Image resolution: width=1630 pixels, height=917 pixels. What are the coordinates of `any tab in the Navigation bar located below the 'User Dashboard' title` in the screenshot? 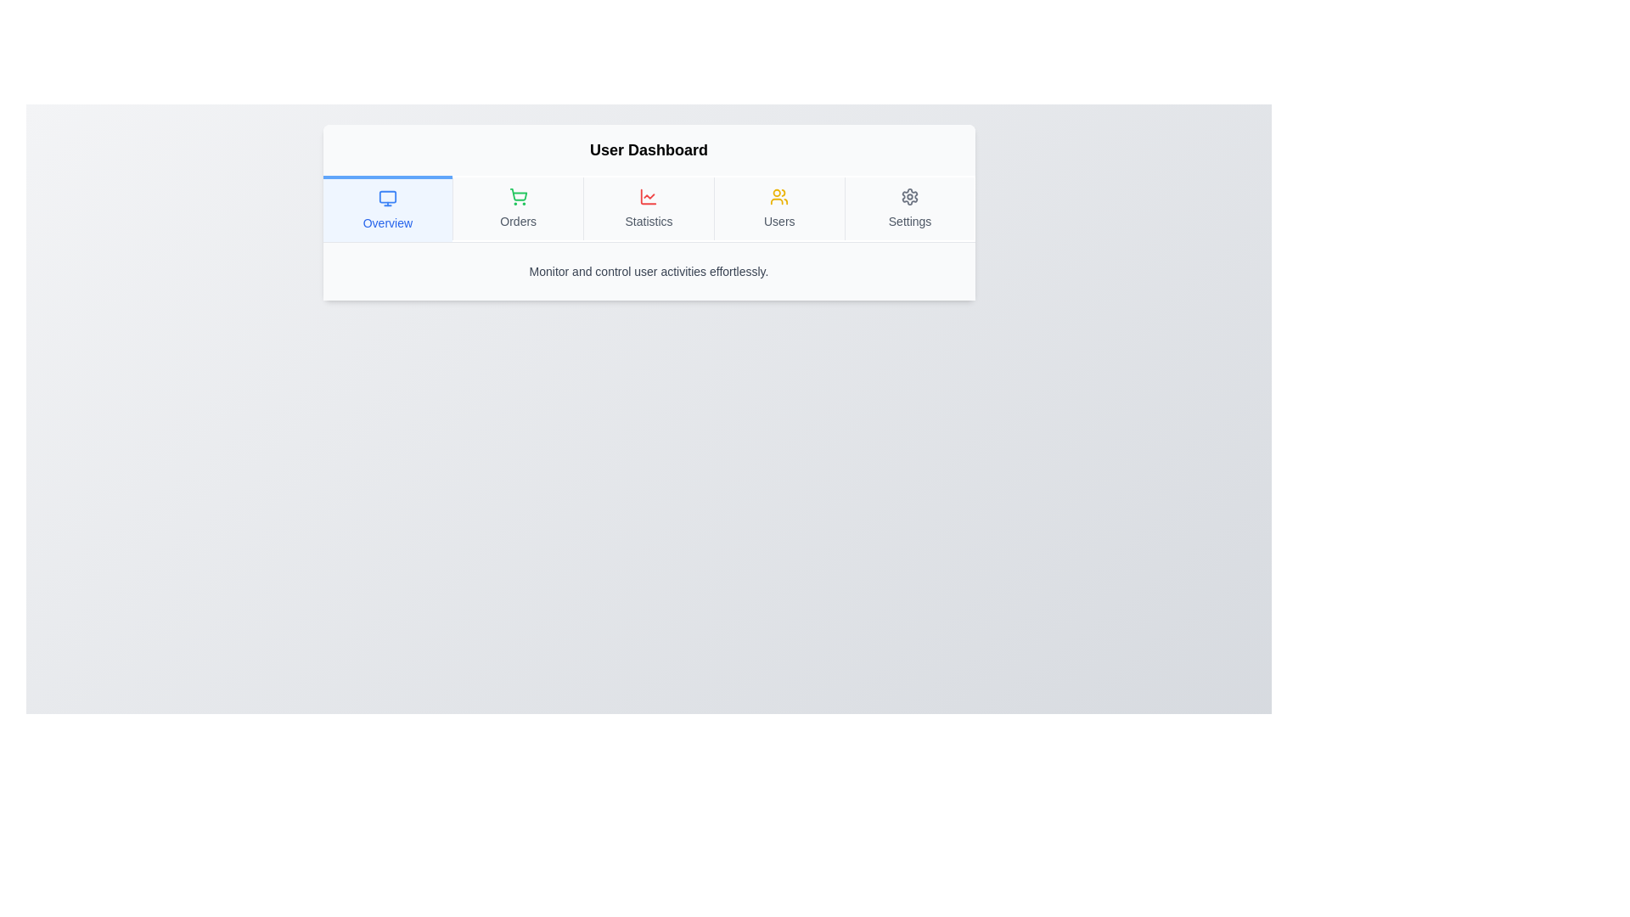 It's located at (648, 208).